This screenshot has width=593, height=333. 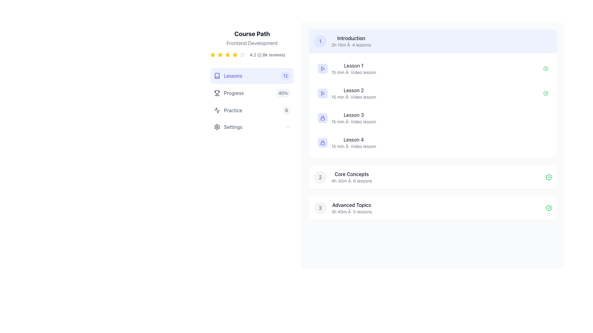 What do you see at coordinates (228, 110) in the screenshot?
I see `the 'Practice' navigation link` at bounding box center [228, 110].